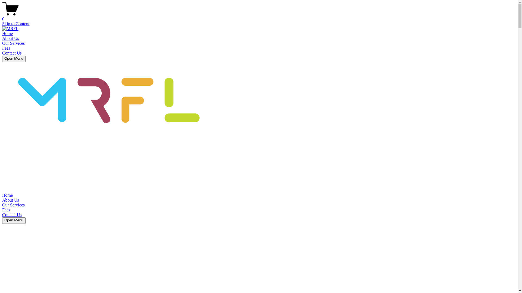  Describe the element at coordinates (12, 53) in the screenshot. I see `'Contact Us'` at that location.